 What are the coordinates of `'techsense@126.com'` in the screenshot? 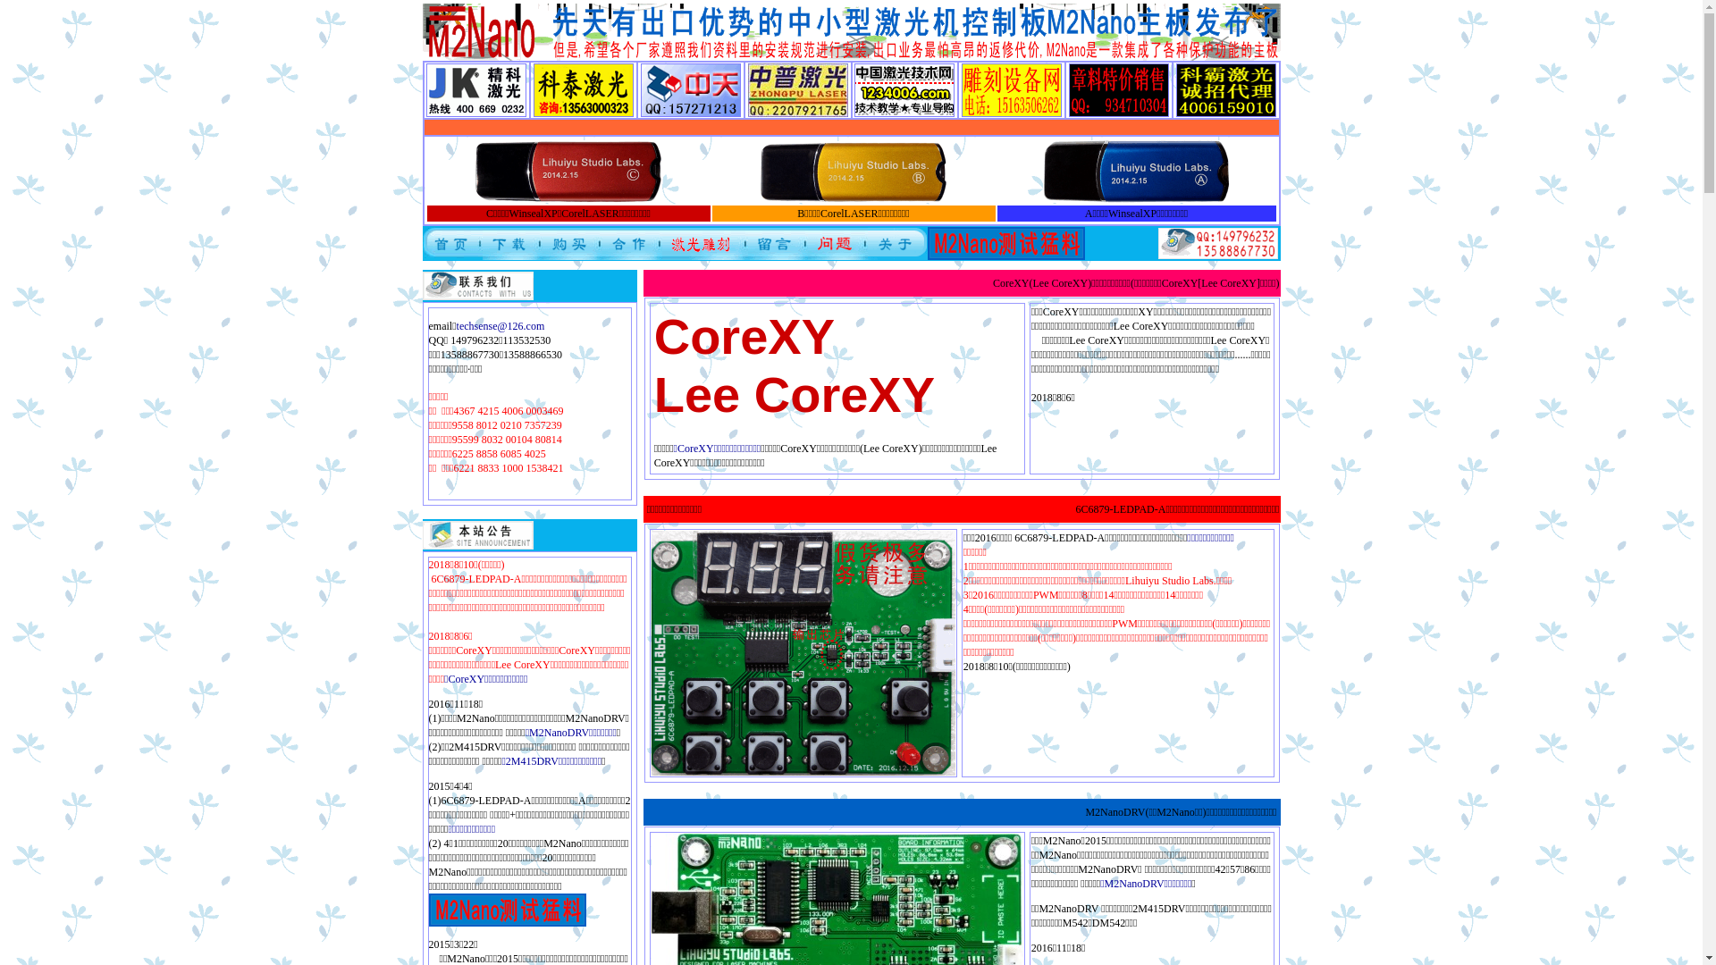 It's located at (456, 326).